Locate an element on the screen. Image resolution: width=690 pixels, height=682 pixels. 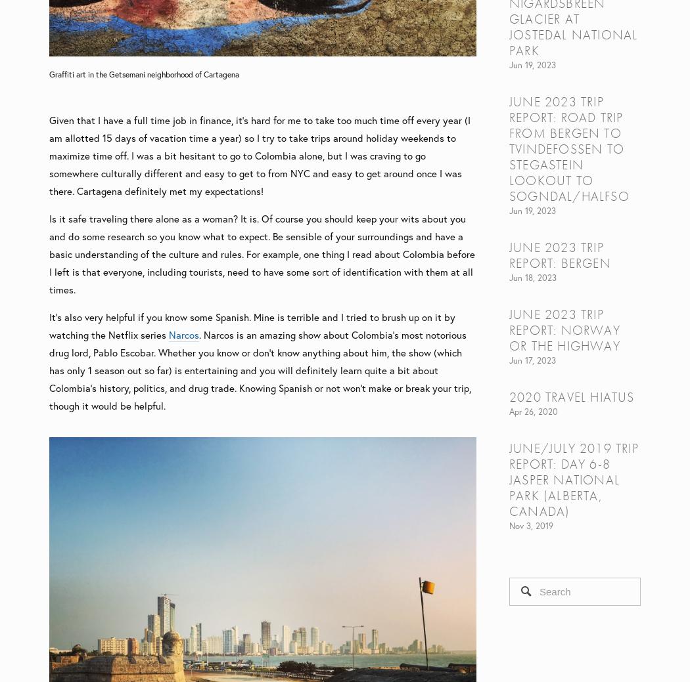
'June 2023 Trip Report: road trip from bergen to Tvindefossen to Stegastein lookout to Sogndal/halfso' is located at coordinates (509, 148).